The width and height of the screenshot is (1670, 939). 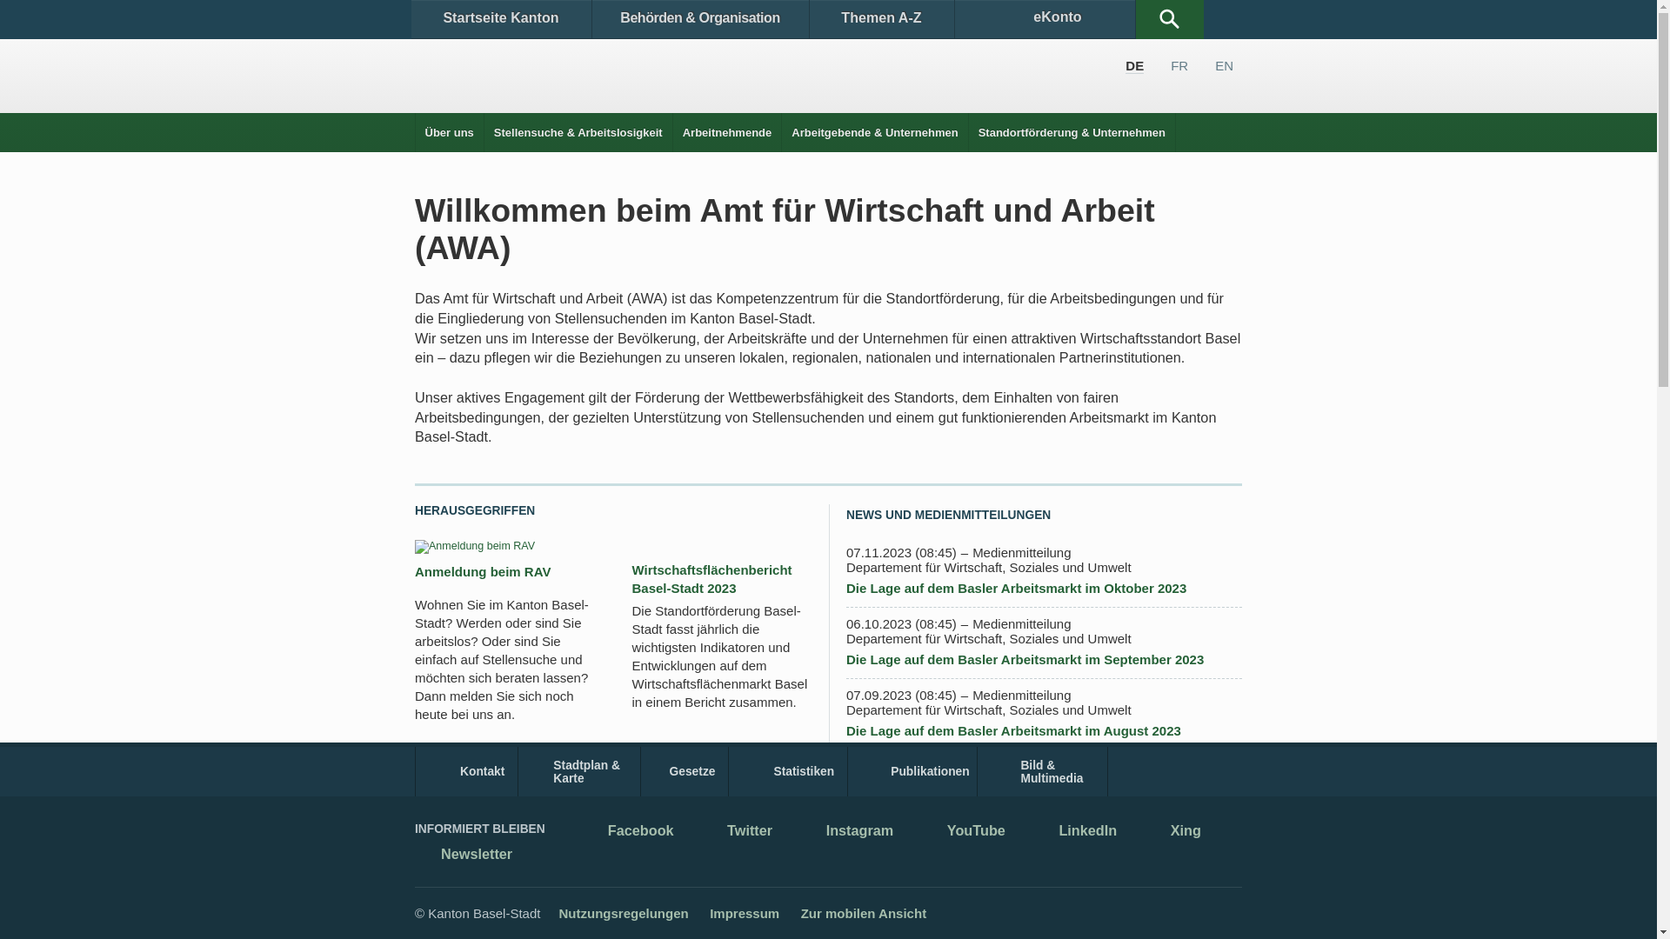 What do you see at coordinates (1144, 830) in the screenshot?
I see `'Xing'` at bounding box center [1144, 830].